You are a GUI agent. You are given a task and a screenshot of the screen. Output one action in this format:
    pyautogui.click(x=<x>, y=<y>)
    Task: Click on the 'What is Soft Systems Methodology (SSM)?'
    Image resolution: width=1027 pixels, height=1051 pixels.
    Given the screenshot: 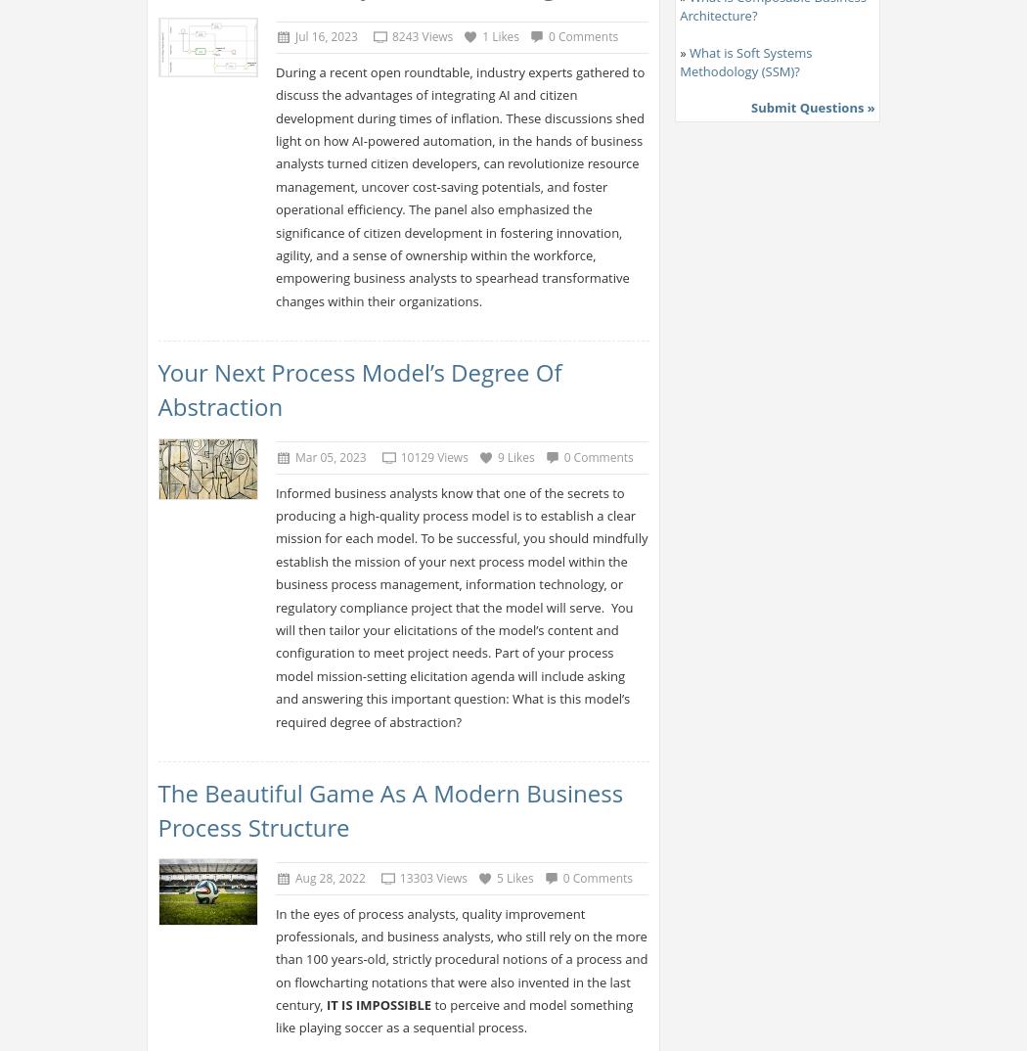 What is the action you would take?
    pyautogui.click(x=745, y=61)
    